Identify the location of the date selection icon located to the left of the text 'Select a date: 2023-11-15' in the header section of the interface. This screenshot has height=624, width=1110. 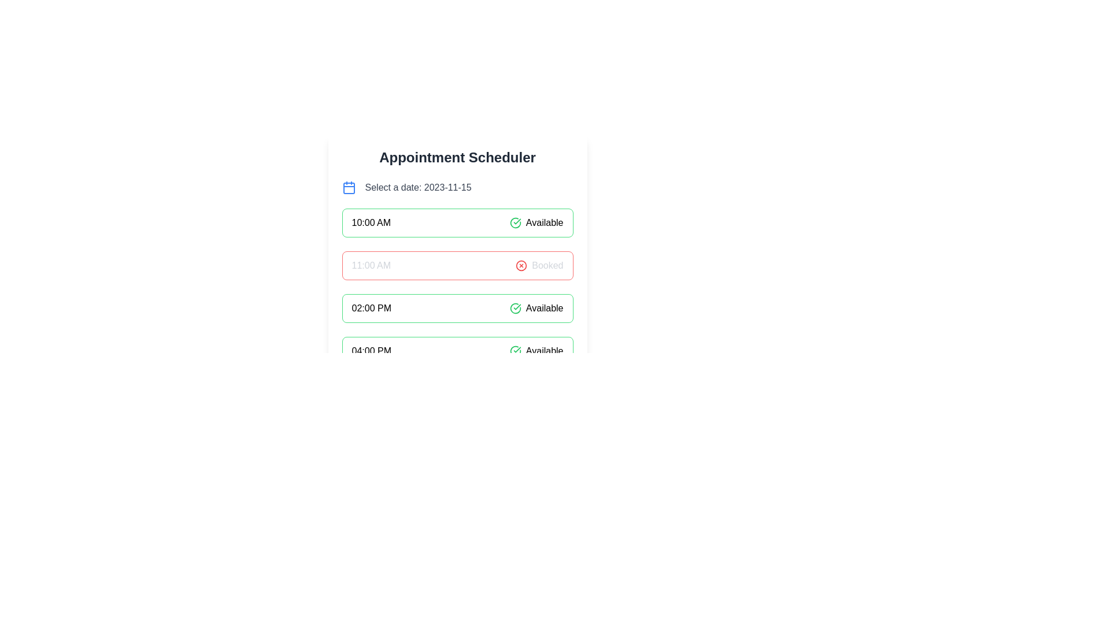
(348, 187).